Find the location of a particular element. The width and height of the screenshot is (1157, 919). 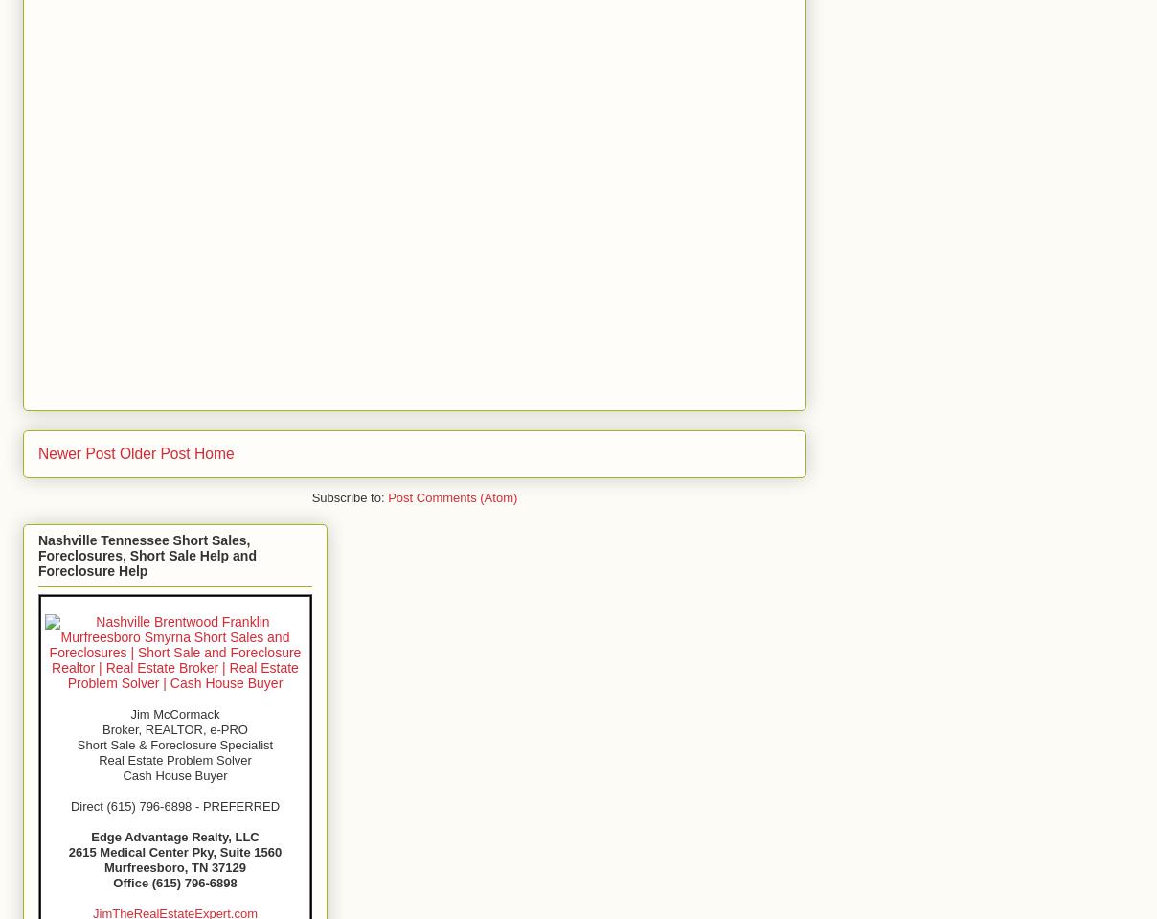

'Broker, REALTOR, e-PRO' is located at coordinates (174, 729).